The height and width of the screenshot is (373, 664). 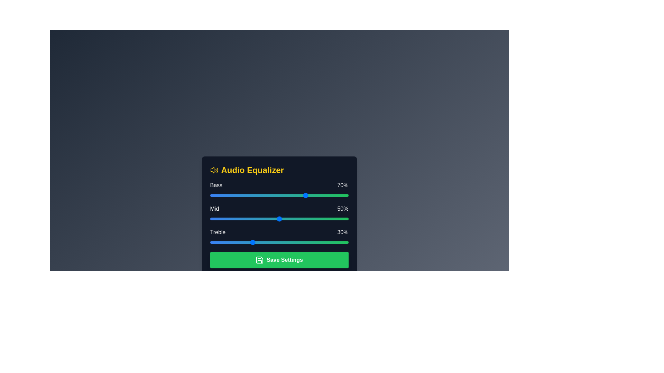 What do you see at coordinates (290, 195) in the screenshot?
I see `the 0 slider to 58% and observe the visual feedback` at bounding box center [290, 195].